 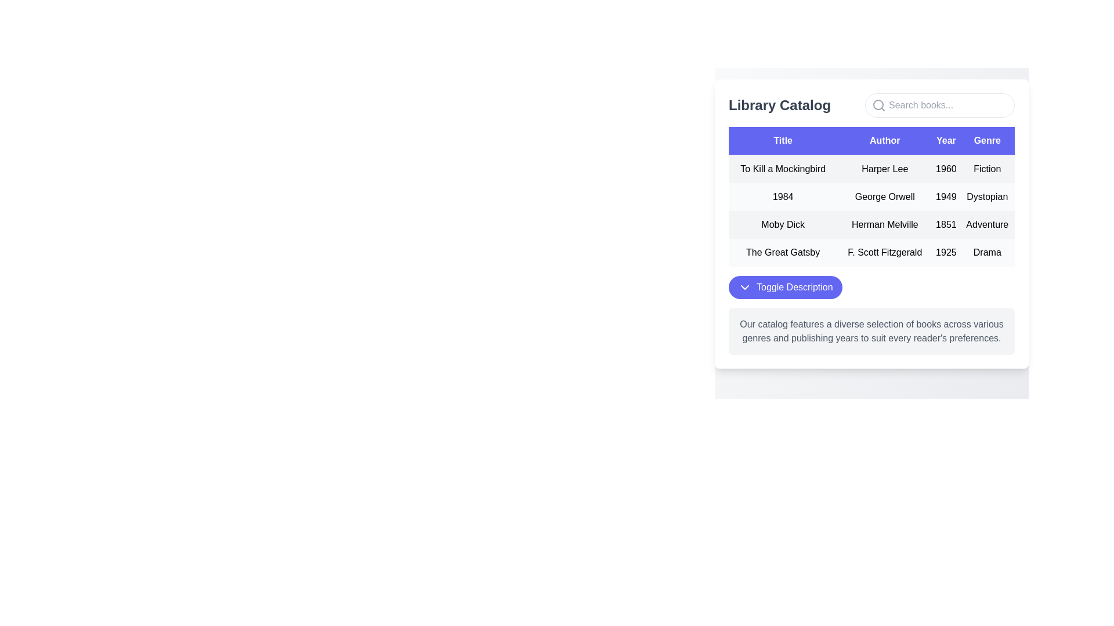 What do you see at coordinates (946, 140) in the screenshot?
I see `the third column header labeled 'Year' in the table, which is positioned between the 'Author' and 'Genre' headers` at bounding box center [946, 140].